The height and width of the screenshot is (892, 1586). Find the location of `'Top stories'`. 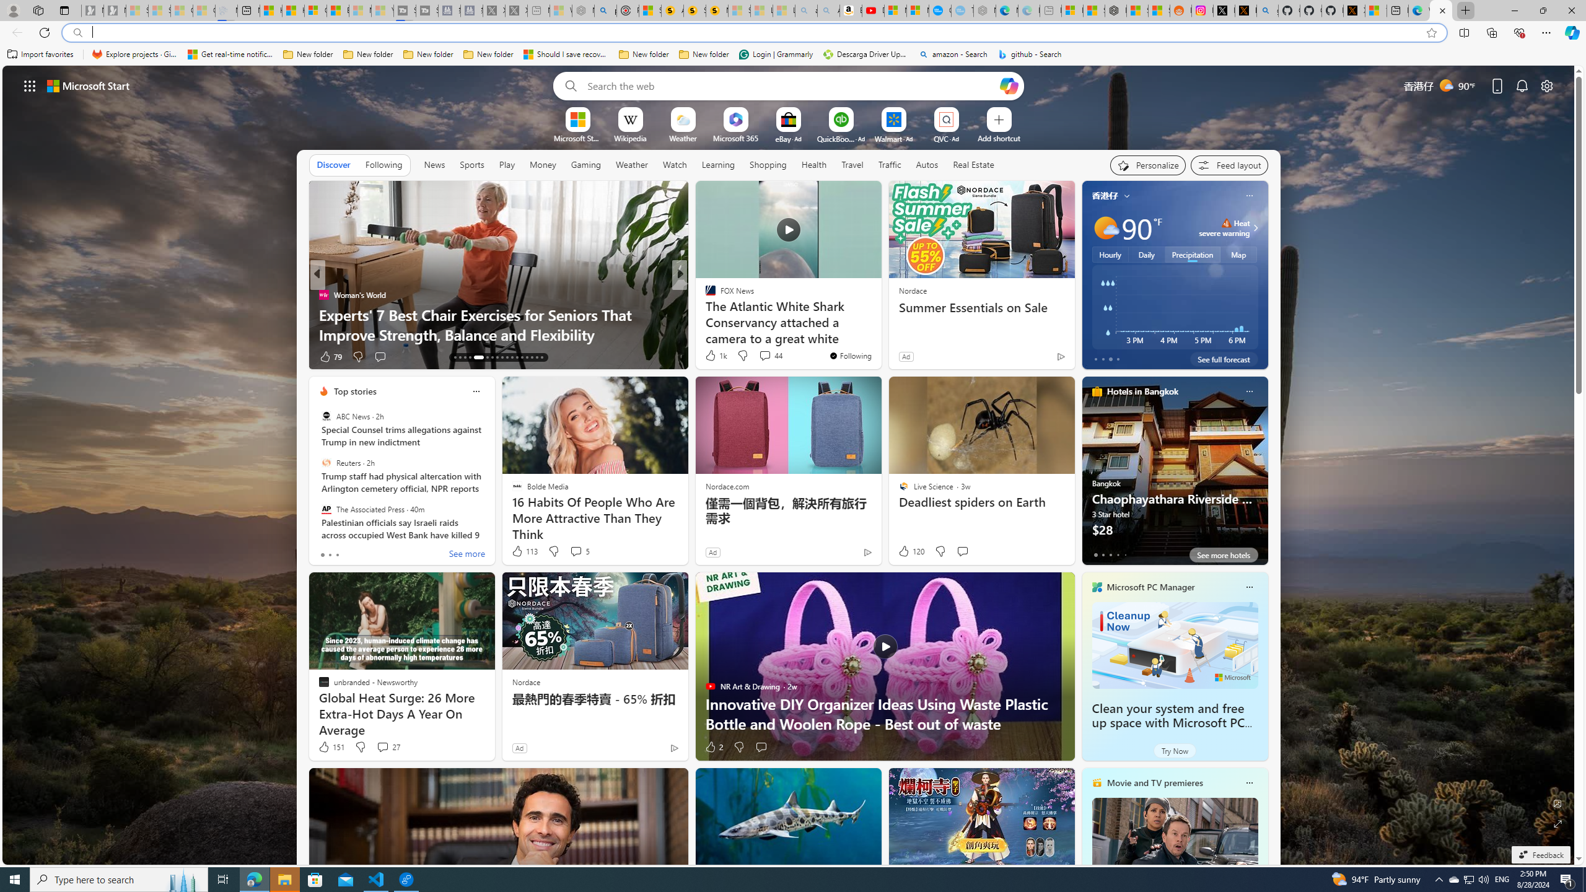

'Top stories' is located at coordinates (354, 391).